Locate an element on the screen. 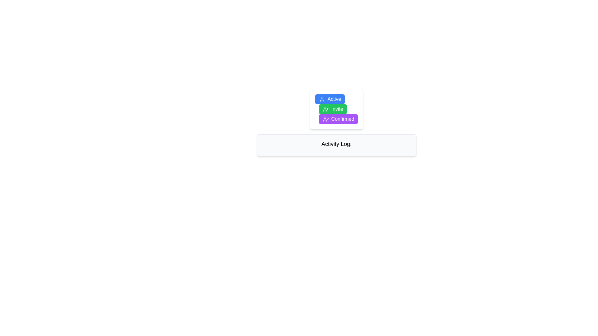  the text label reading 'Active', which is styled with white text on a blue button is located at coordinates (334, 99).